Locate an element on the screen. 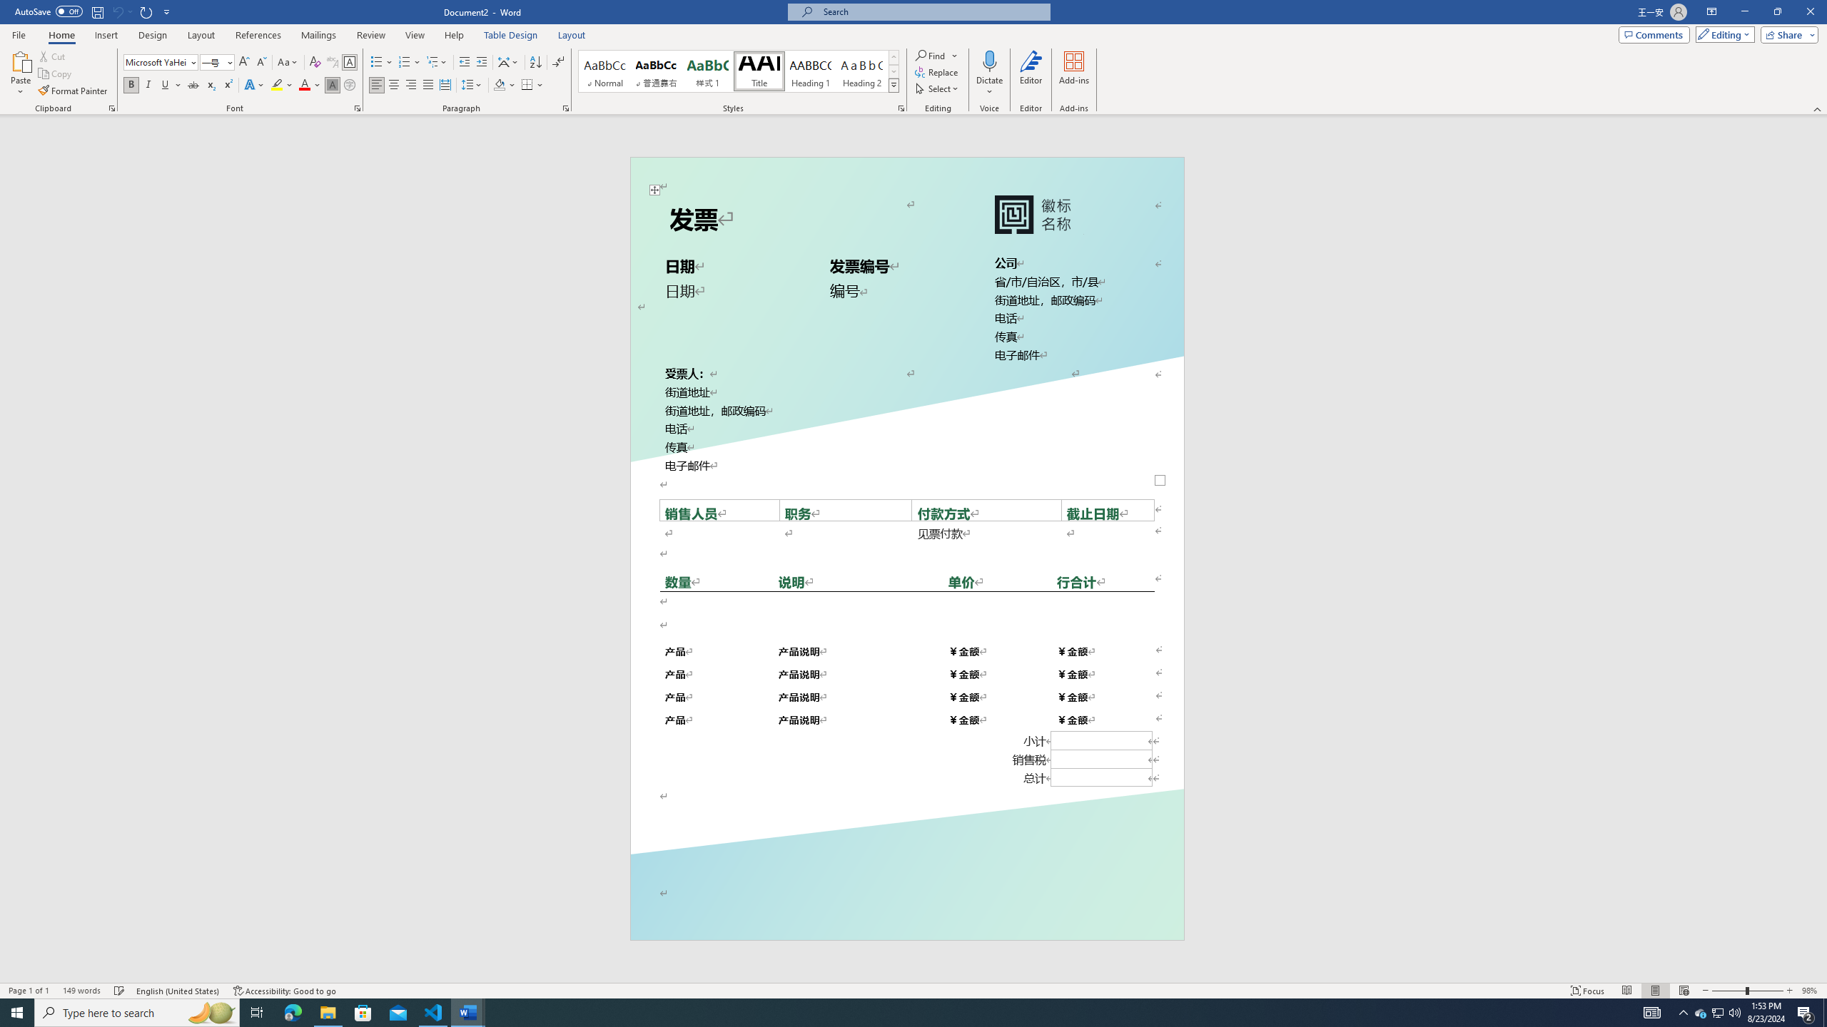 This screenshot has height=1027, width=1827. 'Align Right' is located at coordinates (410, 84).